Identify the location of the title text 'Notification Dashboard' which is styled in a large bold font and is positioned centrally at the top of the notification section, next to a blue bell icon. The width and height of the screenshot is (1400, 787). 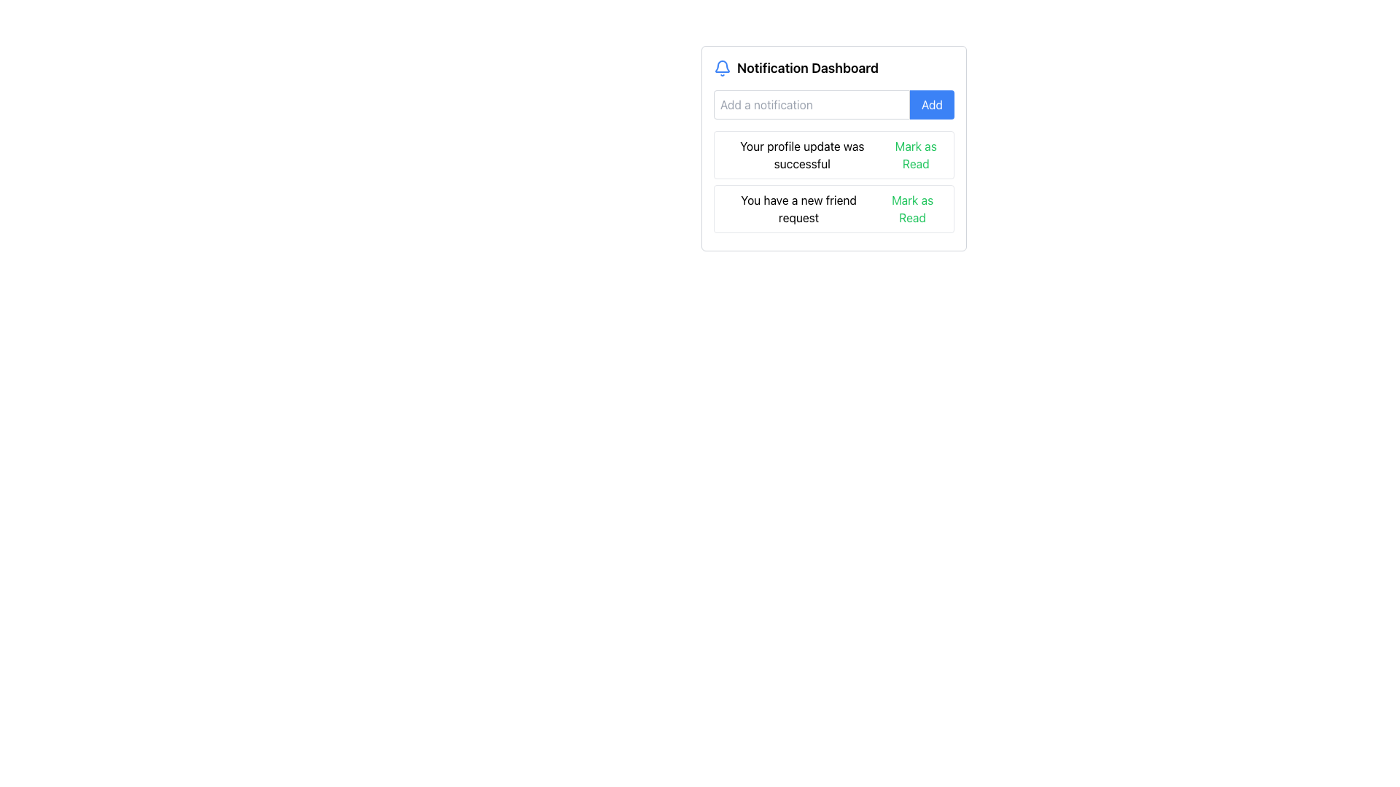
(807, 68).